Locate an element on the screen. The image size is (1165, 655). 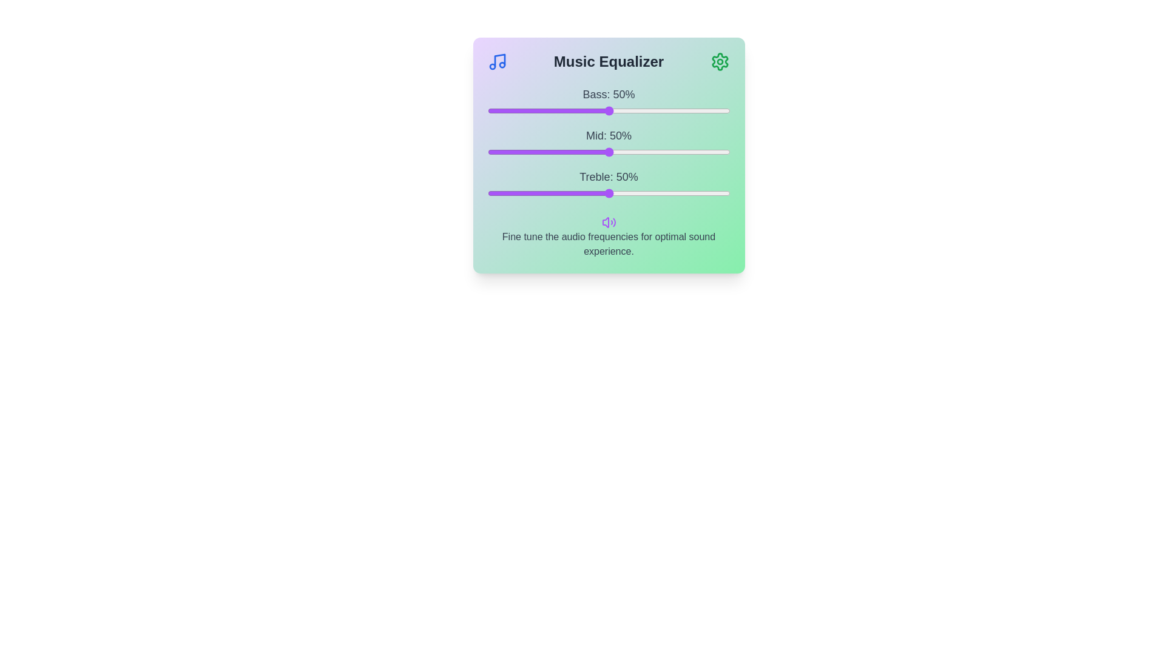
the treble slider to 76% is located at coordinates (671, 193).